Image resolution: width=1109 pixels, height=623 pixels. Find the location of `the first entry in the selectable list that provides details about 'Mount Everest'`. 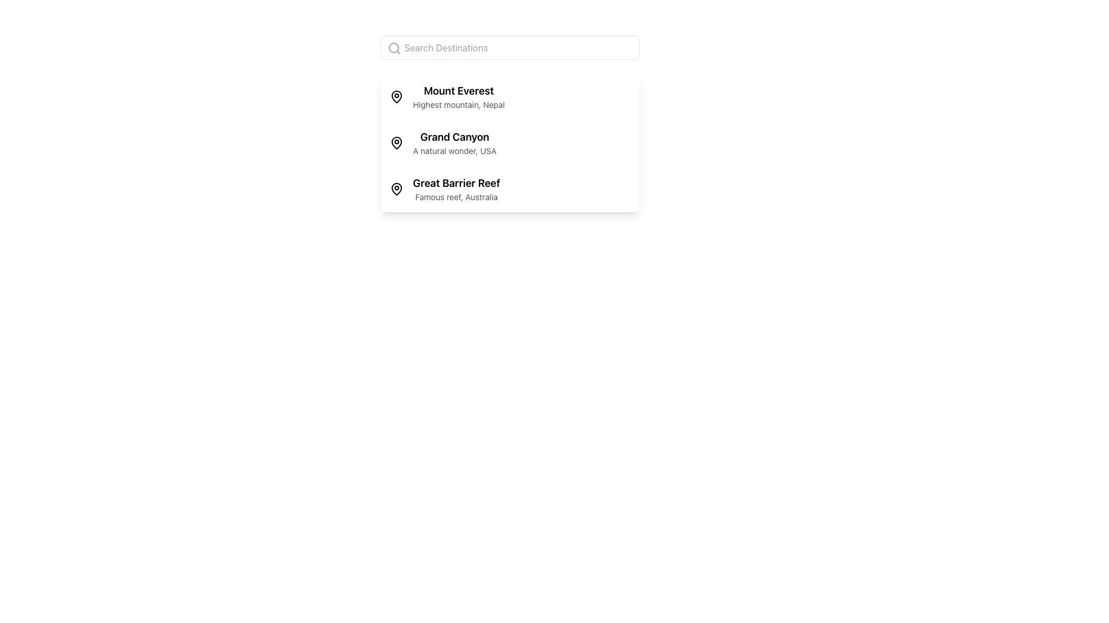

the first entry in the selectable list that provides details about 'Mount Everest' is located at coordinates (509, 96).